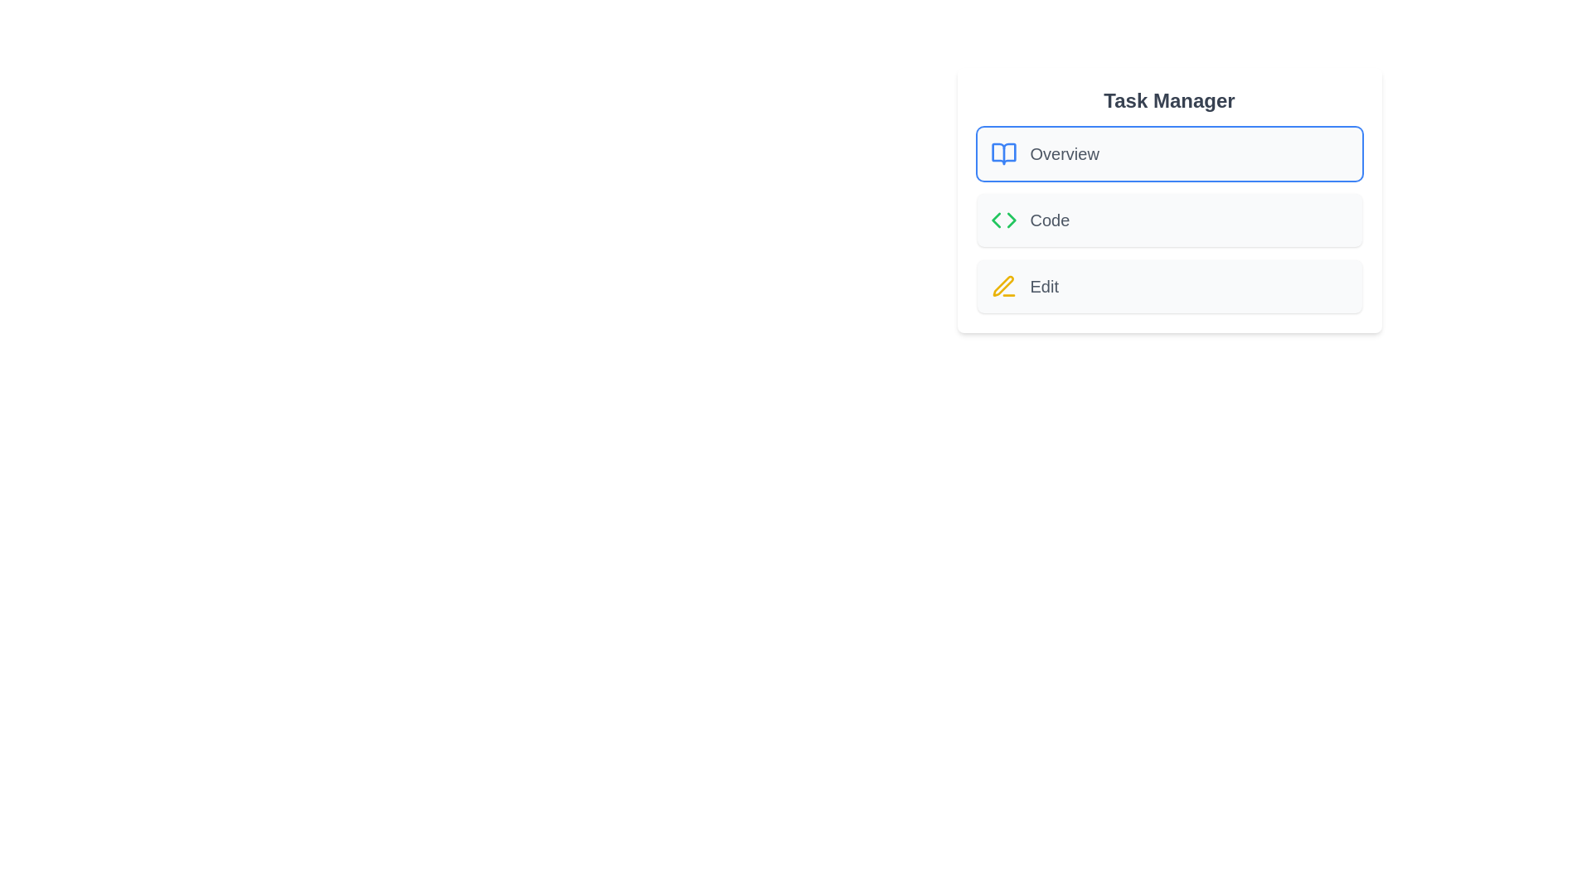  I want to click on text label displaying 'Edit' in gray color located inside an interactive button in the bottom row of options, positioned to the right of a yellow pencil icon, so click(1043, 286).